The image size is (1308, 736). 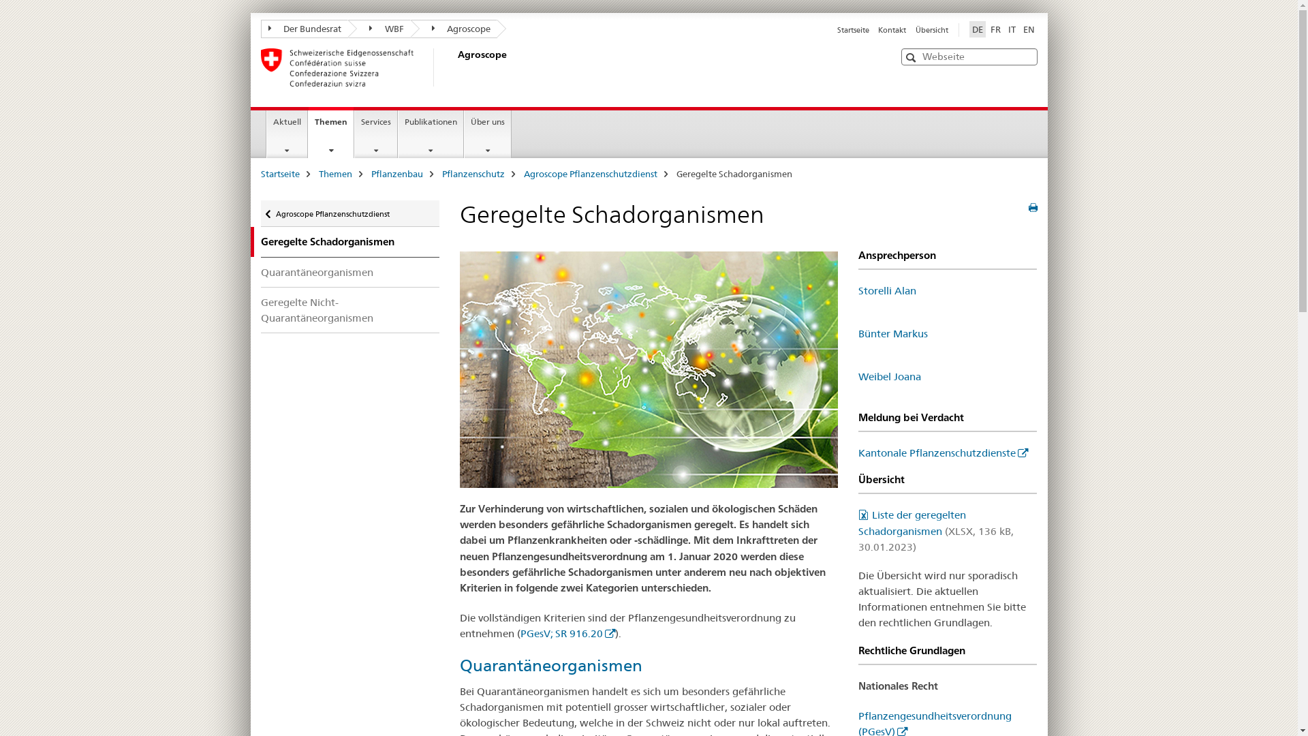 I want to click on 'Publikationen', so click(x=430, y=134).